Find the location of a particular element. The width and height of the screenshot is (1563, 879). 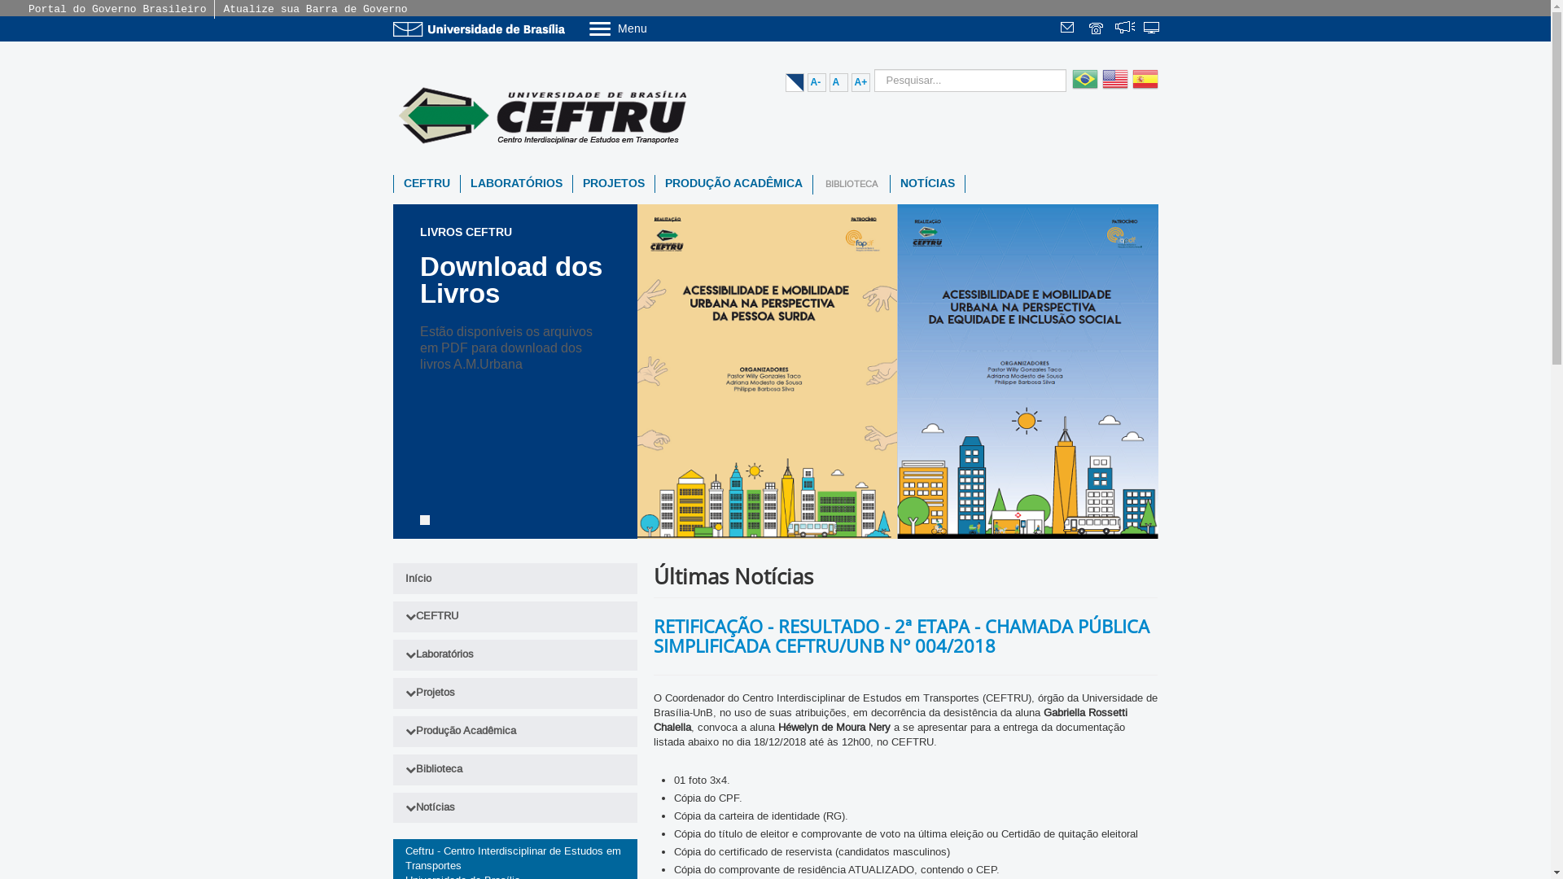

'English' is located at coordinates (1111, 88).